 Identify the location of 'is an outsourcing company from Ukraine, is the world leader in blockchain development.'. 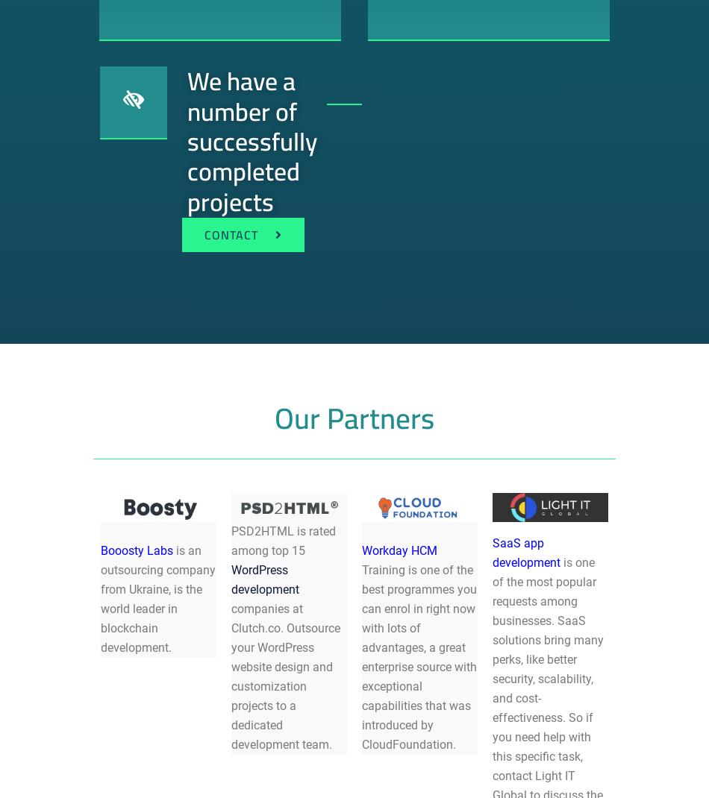
(158, 597).